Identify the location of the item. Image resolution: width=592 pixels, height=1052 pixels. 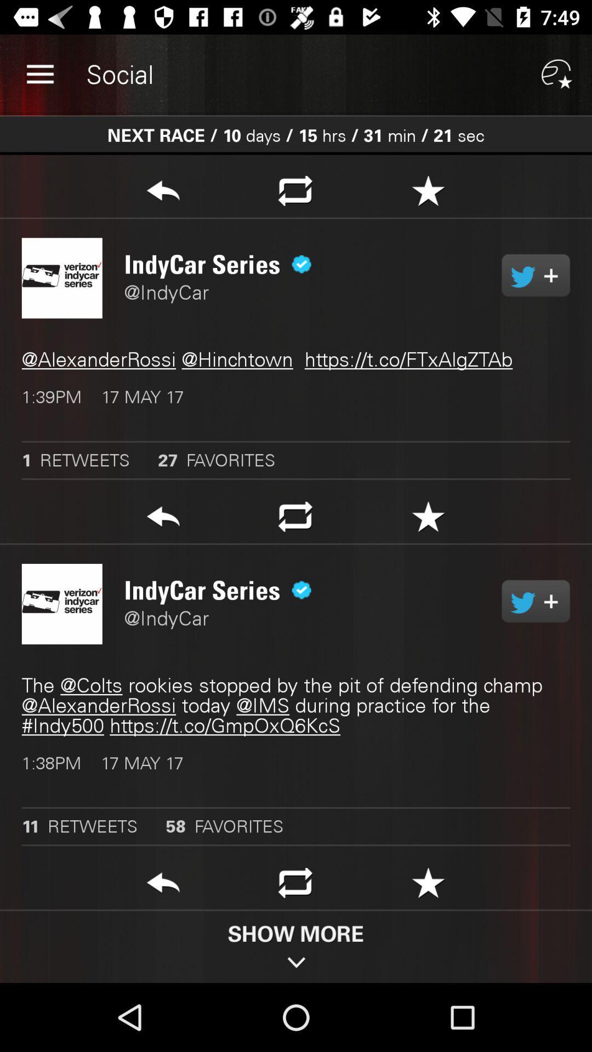
(428, 194).